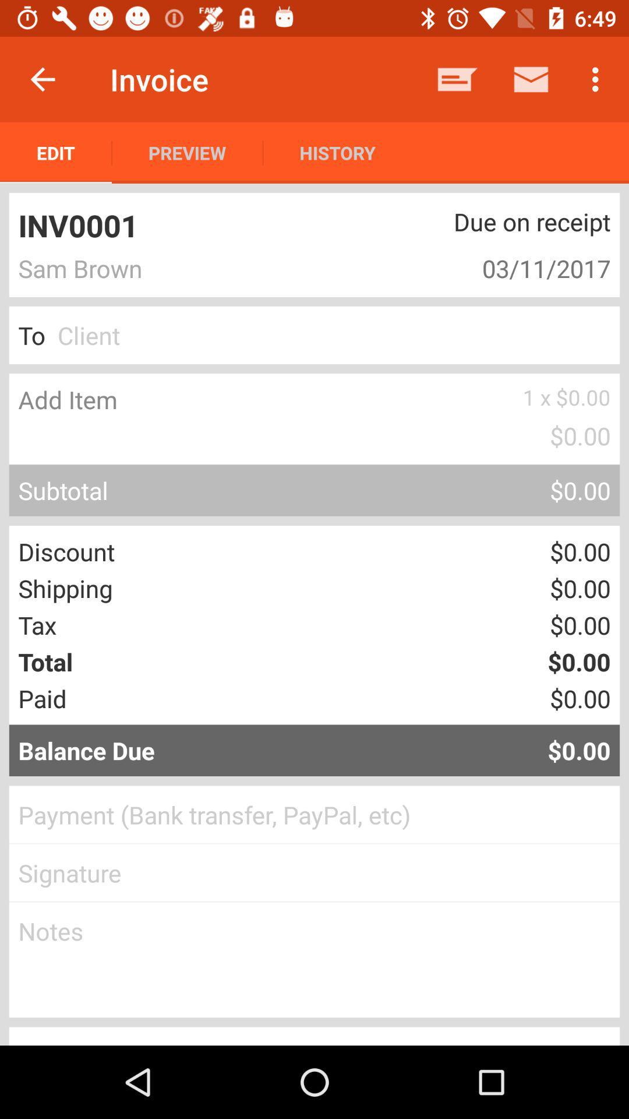 The image size is (629, 1119). What do you see at coordinates (314, 959) in the screenshot?
I see `record notes` at bounding box center [314, 959].